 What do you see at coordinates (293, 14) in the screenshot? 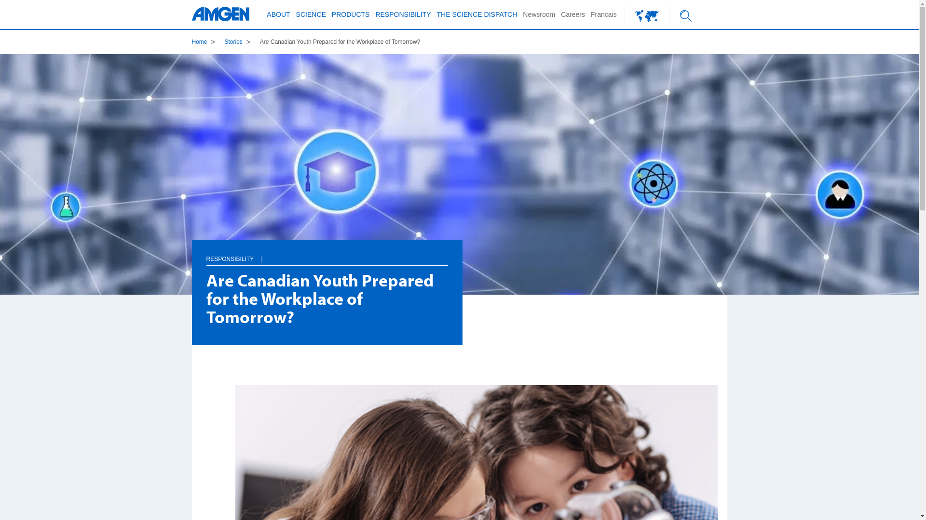
I see `'SCIENCE'` at bounding box center [293, 14].